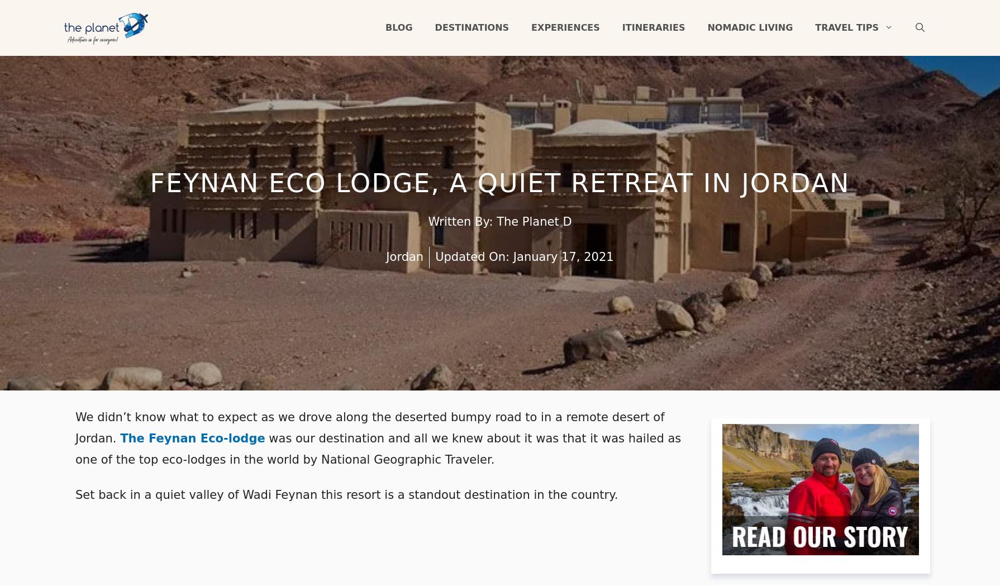 The height and width of the screenshot is (586, 1000). I want to click on 'Written By:', so click(461, 222).